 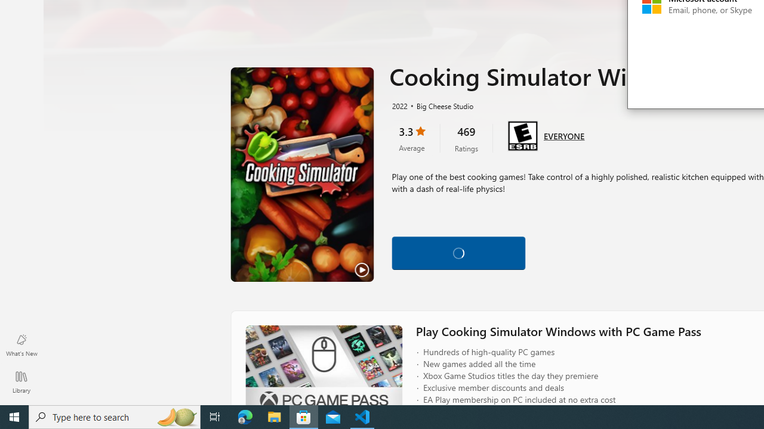 I want to click on 'Big Cheese Studio', so click(x=439, y=105).